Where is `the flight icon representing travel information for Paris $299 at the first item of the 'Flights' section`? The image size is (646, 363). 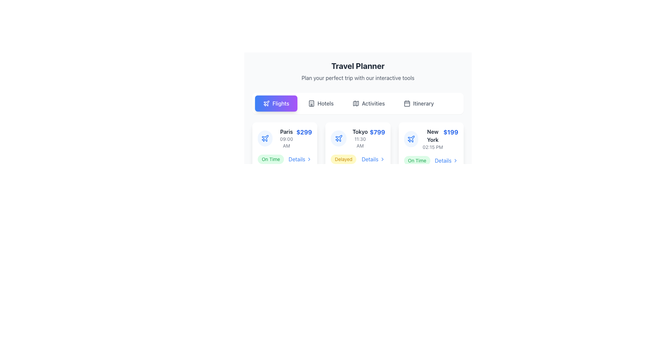
the flight icon representing travel information for Paris $299 at the first item of the 'Flights' section is located at coordinates (264, 138).